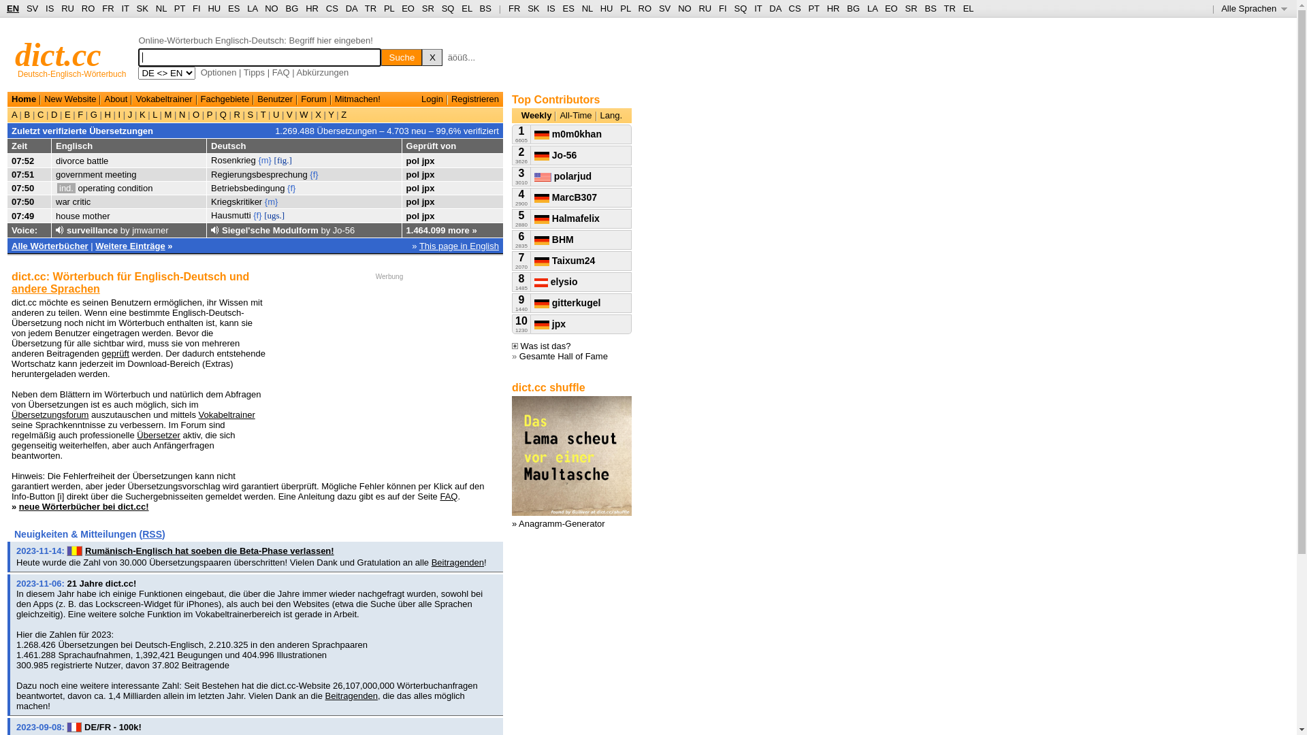 This screenshot has width=1307, height=735. Describe the element at coordinates (554, 238) in the screenshot. I see `'BHM'` at that location.